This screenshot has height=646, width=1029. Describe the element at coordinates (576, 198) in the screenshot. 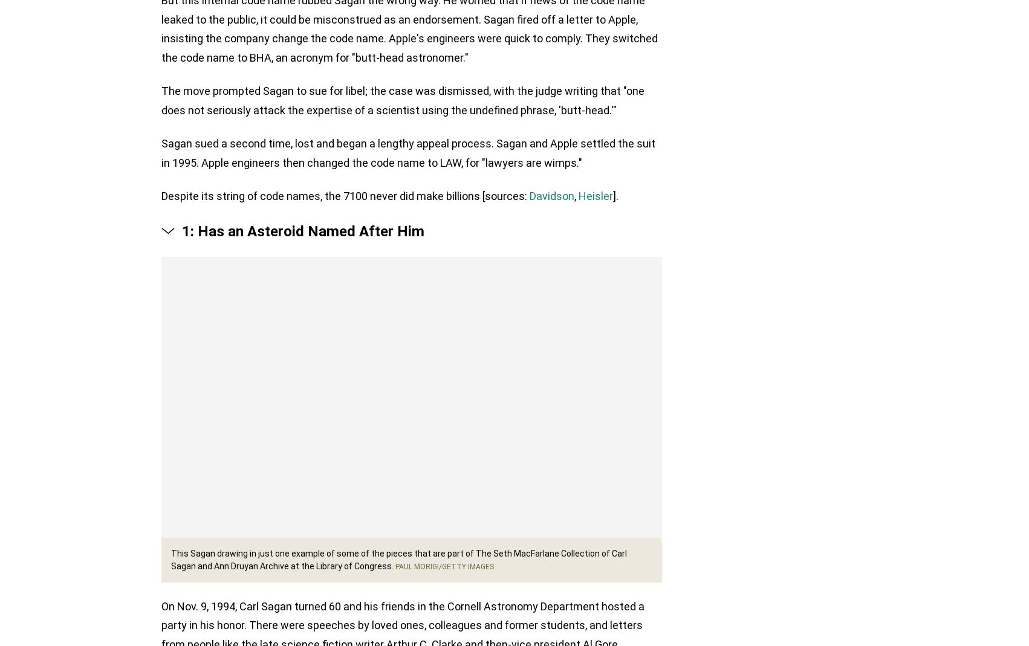

I see `','` at that location.